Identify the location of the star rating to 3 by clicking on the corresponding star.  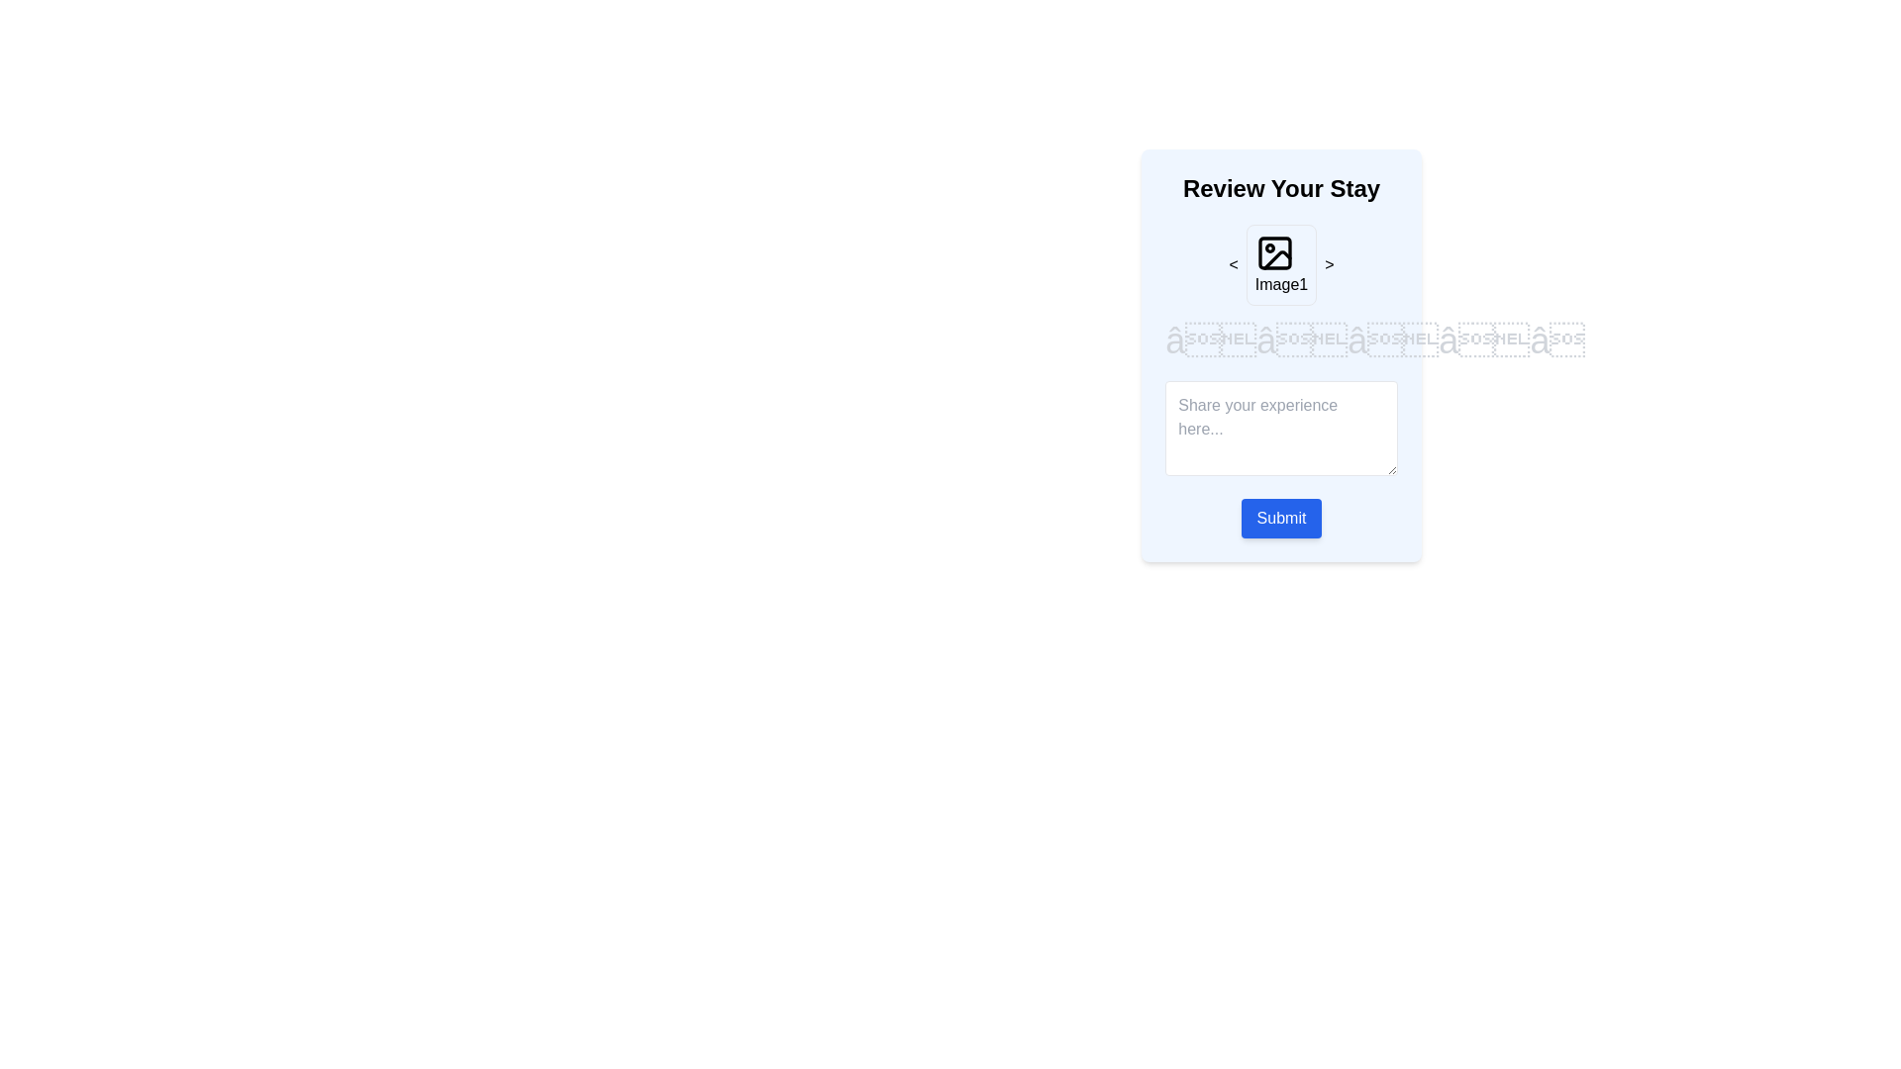
(1392, 340).